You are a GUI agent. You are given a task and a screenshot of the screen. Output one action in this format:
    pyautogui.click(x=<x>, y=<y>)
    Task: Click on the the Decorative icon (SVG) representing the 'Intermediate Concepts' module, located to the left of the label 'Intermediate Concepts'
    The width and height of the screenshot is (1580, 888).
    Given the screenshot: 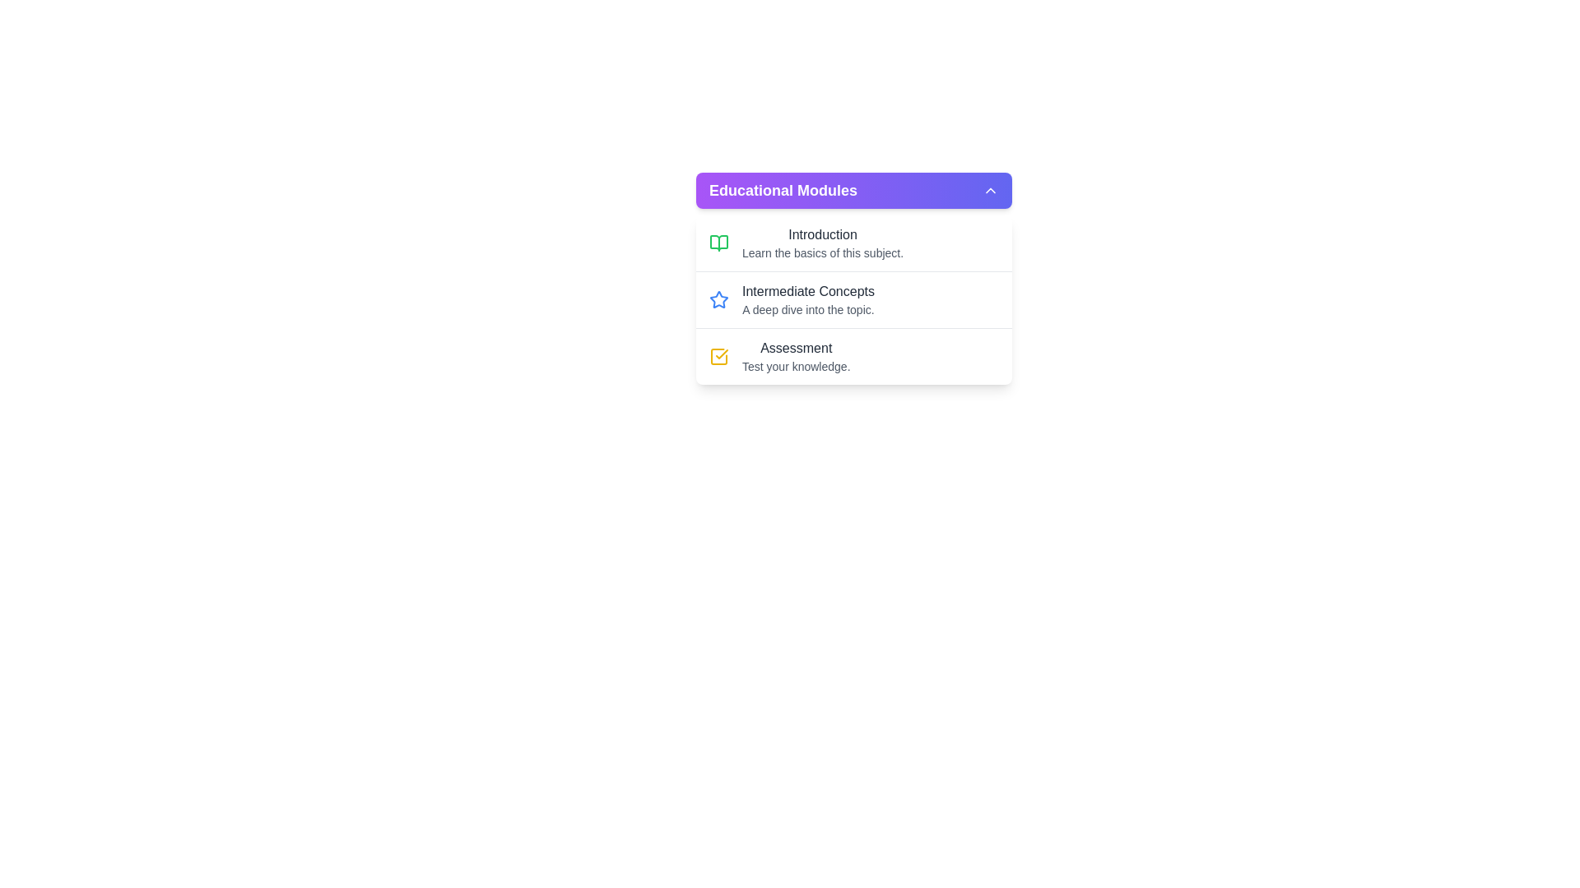 What is the action you would take?
    pyautogui.click(x=718, y=300)
    